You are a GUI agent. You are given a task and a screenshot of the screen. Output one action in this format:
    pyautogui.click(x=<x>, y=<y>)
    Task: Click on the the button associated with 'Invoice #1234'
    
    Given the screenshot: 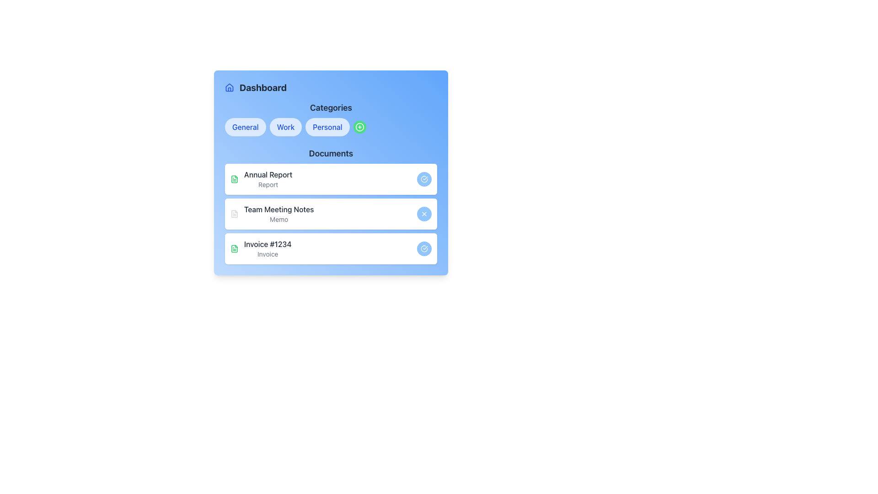 What is the action you would take?
    pyautogui.click(x=423, y=248)
    